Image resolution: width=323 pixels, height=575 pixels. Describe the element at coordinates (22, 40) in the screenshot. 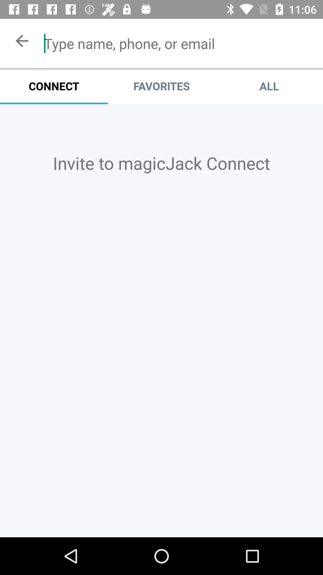

I see `item above connect` at that location.